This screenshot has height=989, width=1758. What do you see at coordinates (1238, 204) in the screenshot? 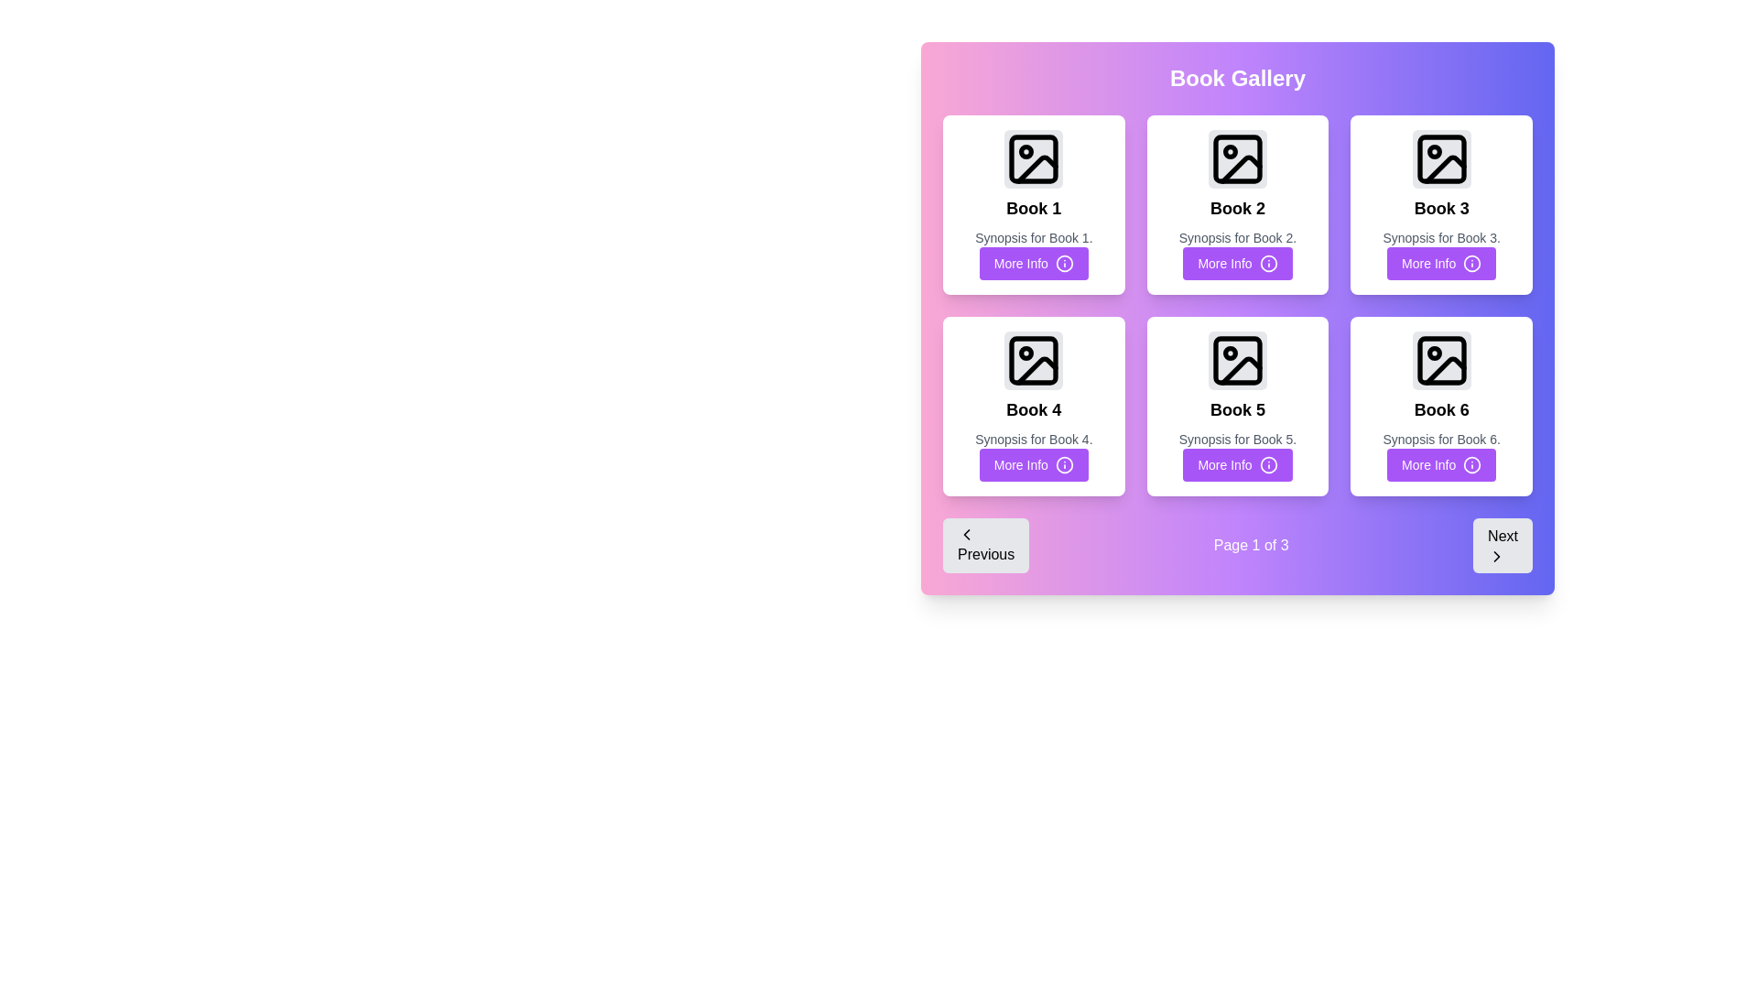
I see `the second card in the first row of the Book Gallery` at bounding box center [1238, 204].